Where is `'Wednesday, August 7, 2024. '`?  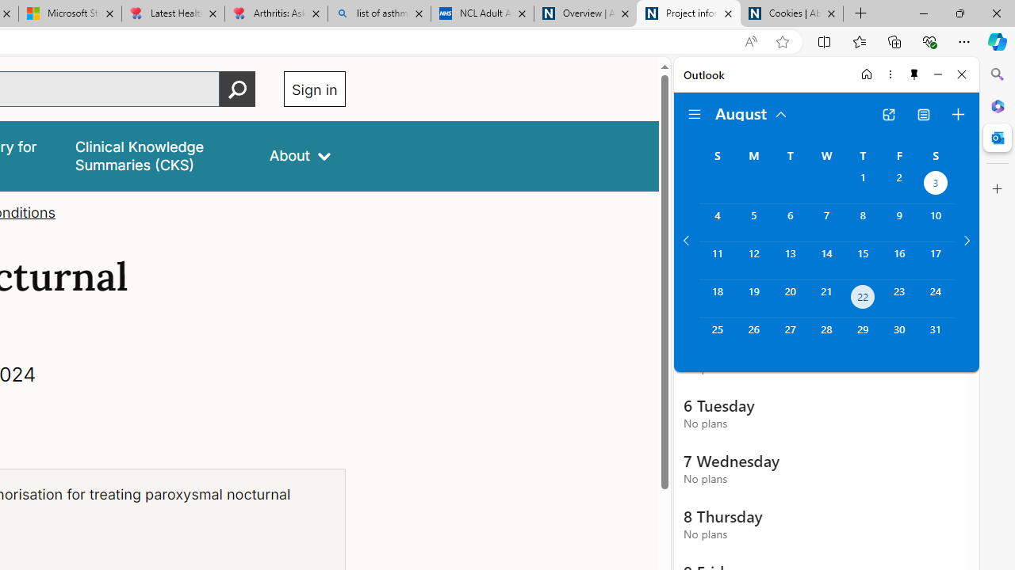 'Wednesday, August 7, 2024. ' is located at coordinates (825, 222).